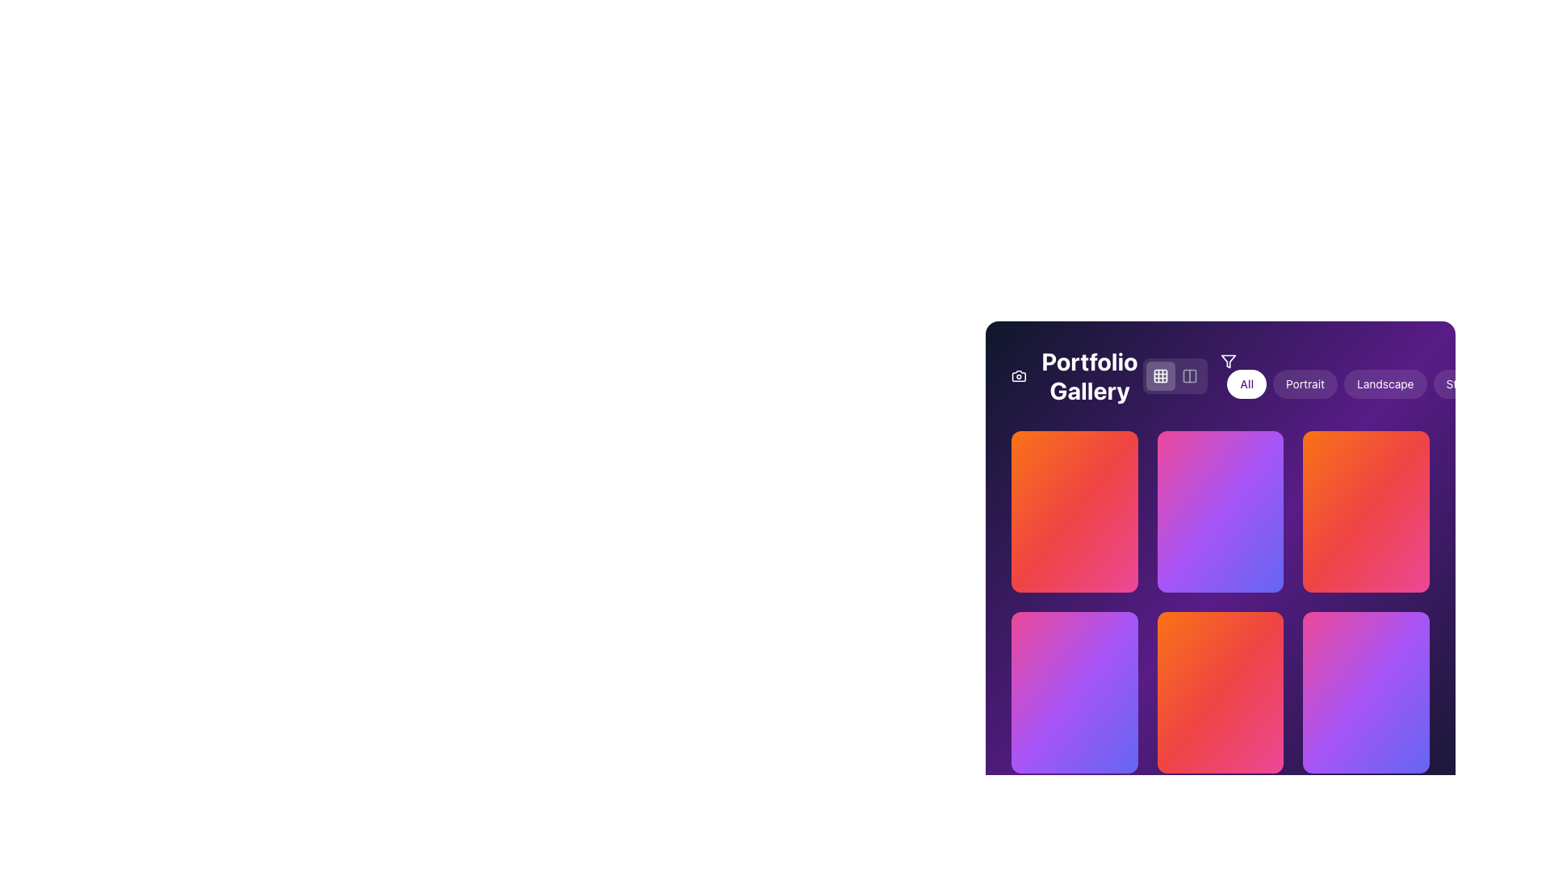 This screenshot has height=872, width=1550. Describe the element at coordinates (1160, 376) in the screenshot. I see `the central SVG rectangle of the 3x3 grid icon, which is adjacent to the 'Portfolio Gallery' text header` at that location.